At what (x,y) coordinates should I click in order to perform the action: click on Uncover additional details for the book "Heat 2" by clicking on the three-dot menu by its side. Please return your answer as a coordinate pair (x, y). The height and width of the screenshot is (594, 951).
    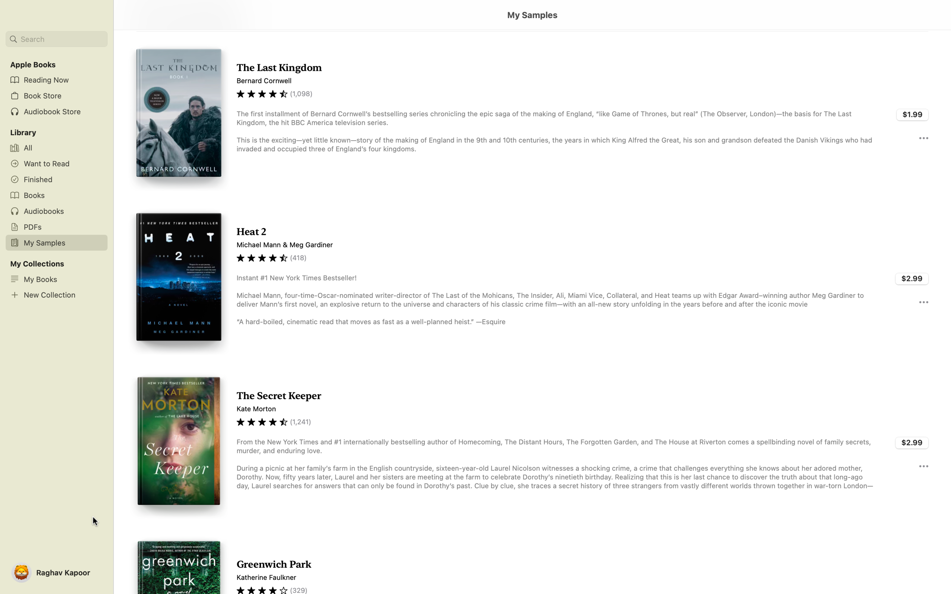
    Looking at the image, I should click on (923, 302).